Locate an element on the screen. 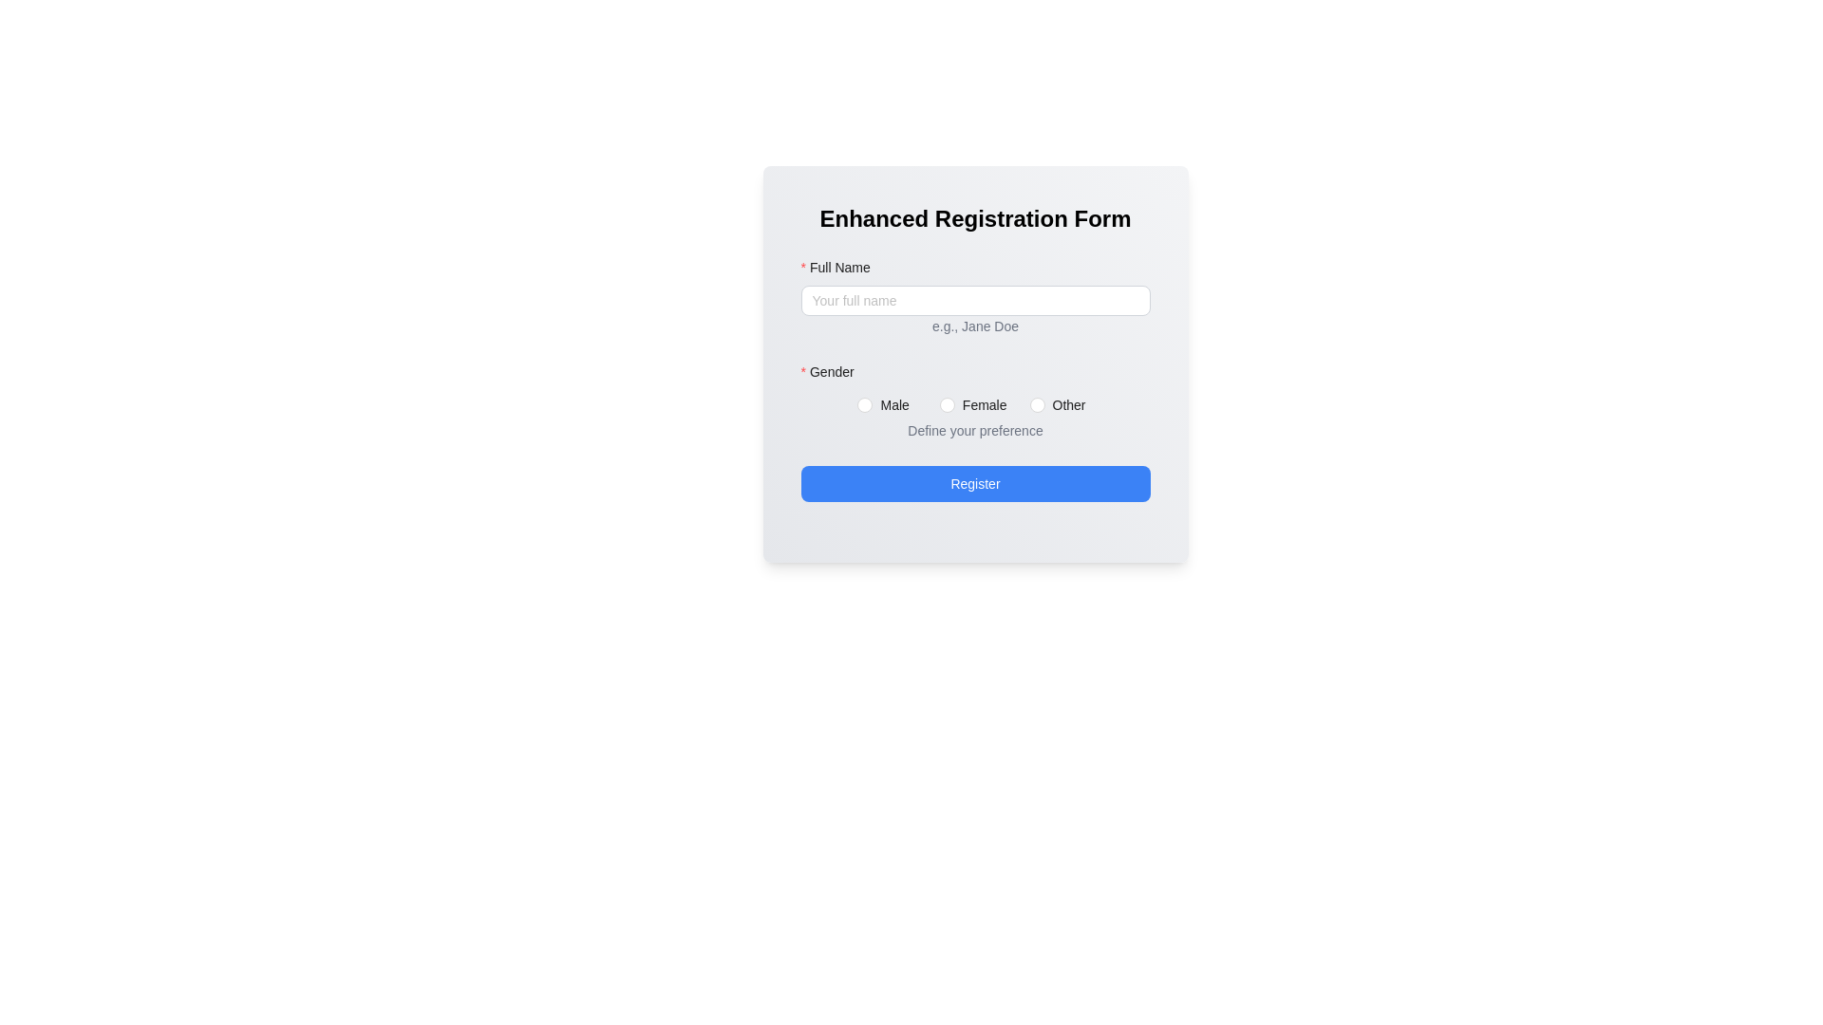  the 'Other' gender option radio button associated with the text label in the registration form is located at coordinates (1069, 404).